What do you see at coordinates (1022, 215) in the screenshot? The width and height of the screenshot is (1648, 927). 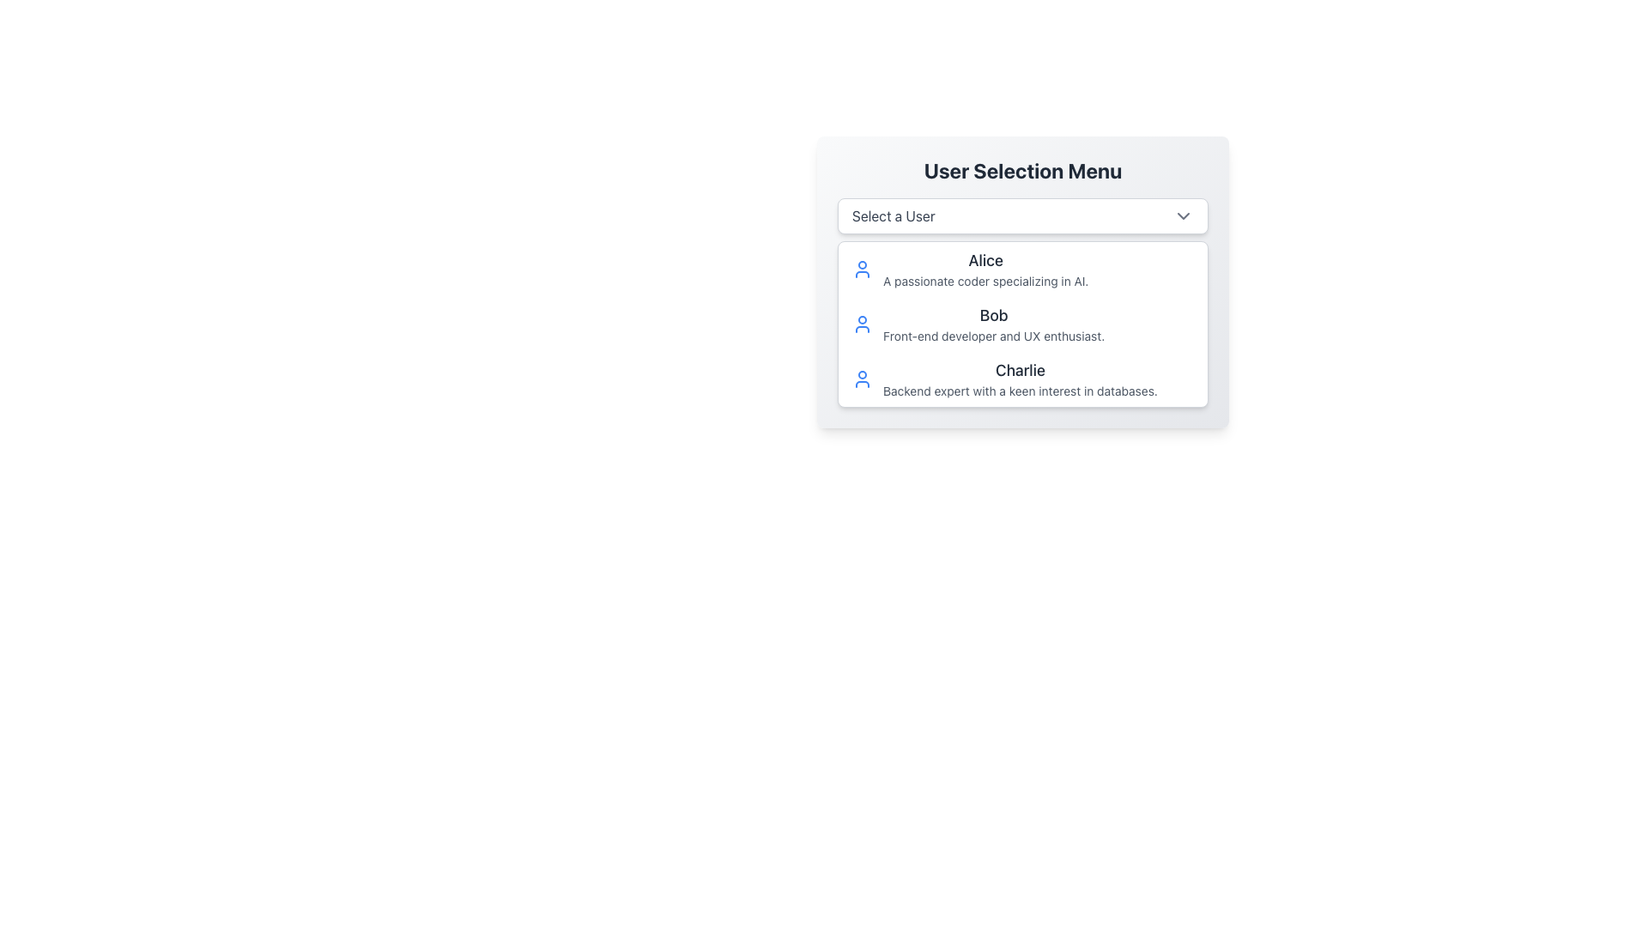 I see `the 'Select a User' dropdown menu` at bounding box center [1022, 215].